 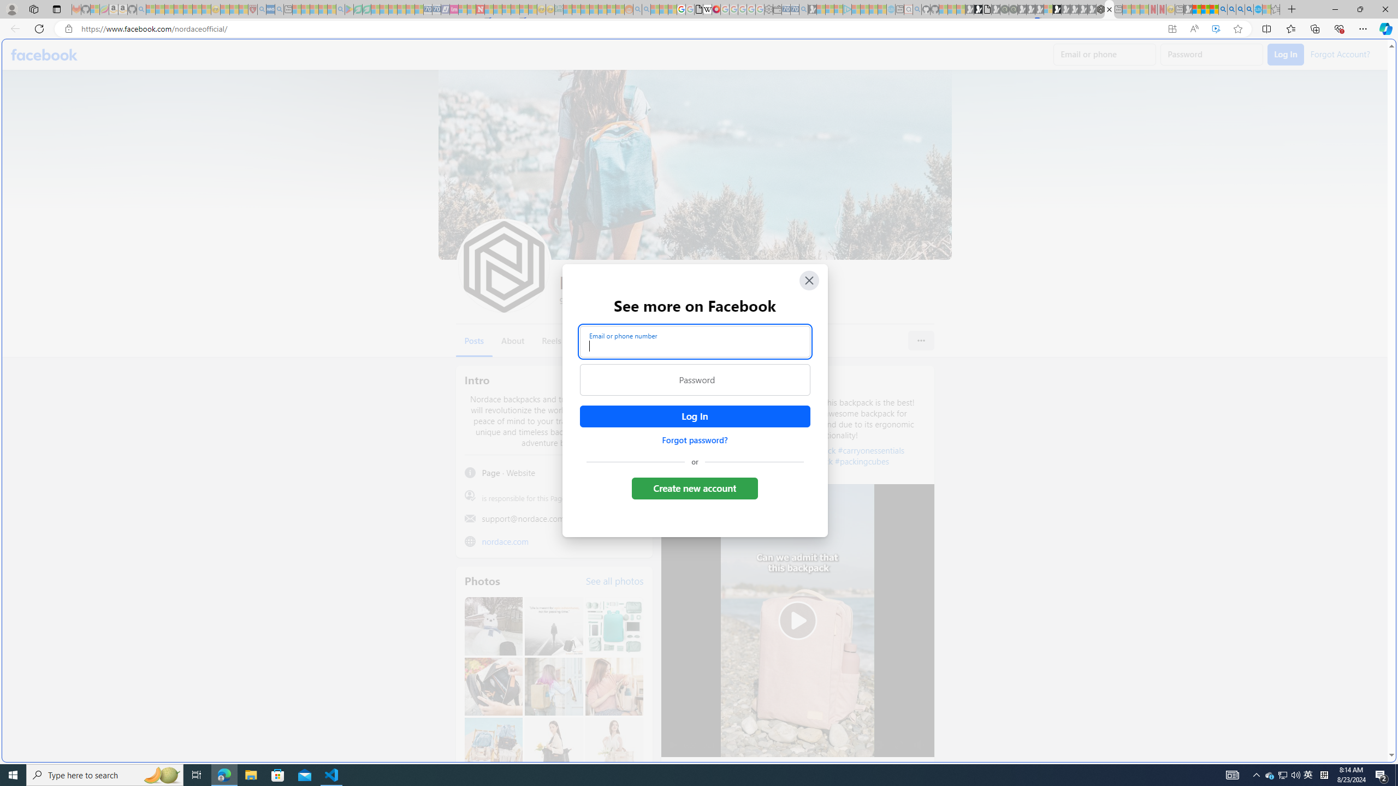 I want to click on 'Forgot password?', so click(x=694, y=439).